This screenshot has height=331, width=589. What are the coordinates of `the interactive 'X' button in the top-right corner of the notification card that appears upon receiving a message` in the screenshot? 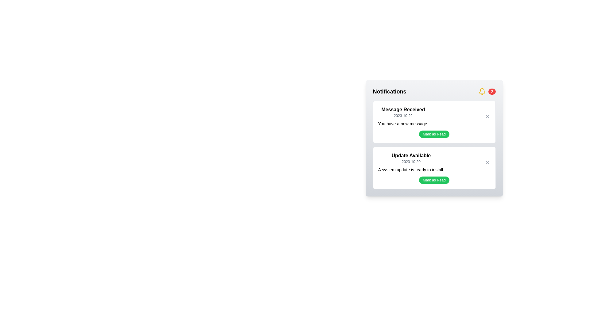 It's located at (487, 116).